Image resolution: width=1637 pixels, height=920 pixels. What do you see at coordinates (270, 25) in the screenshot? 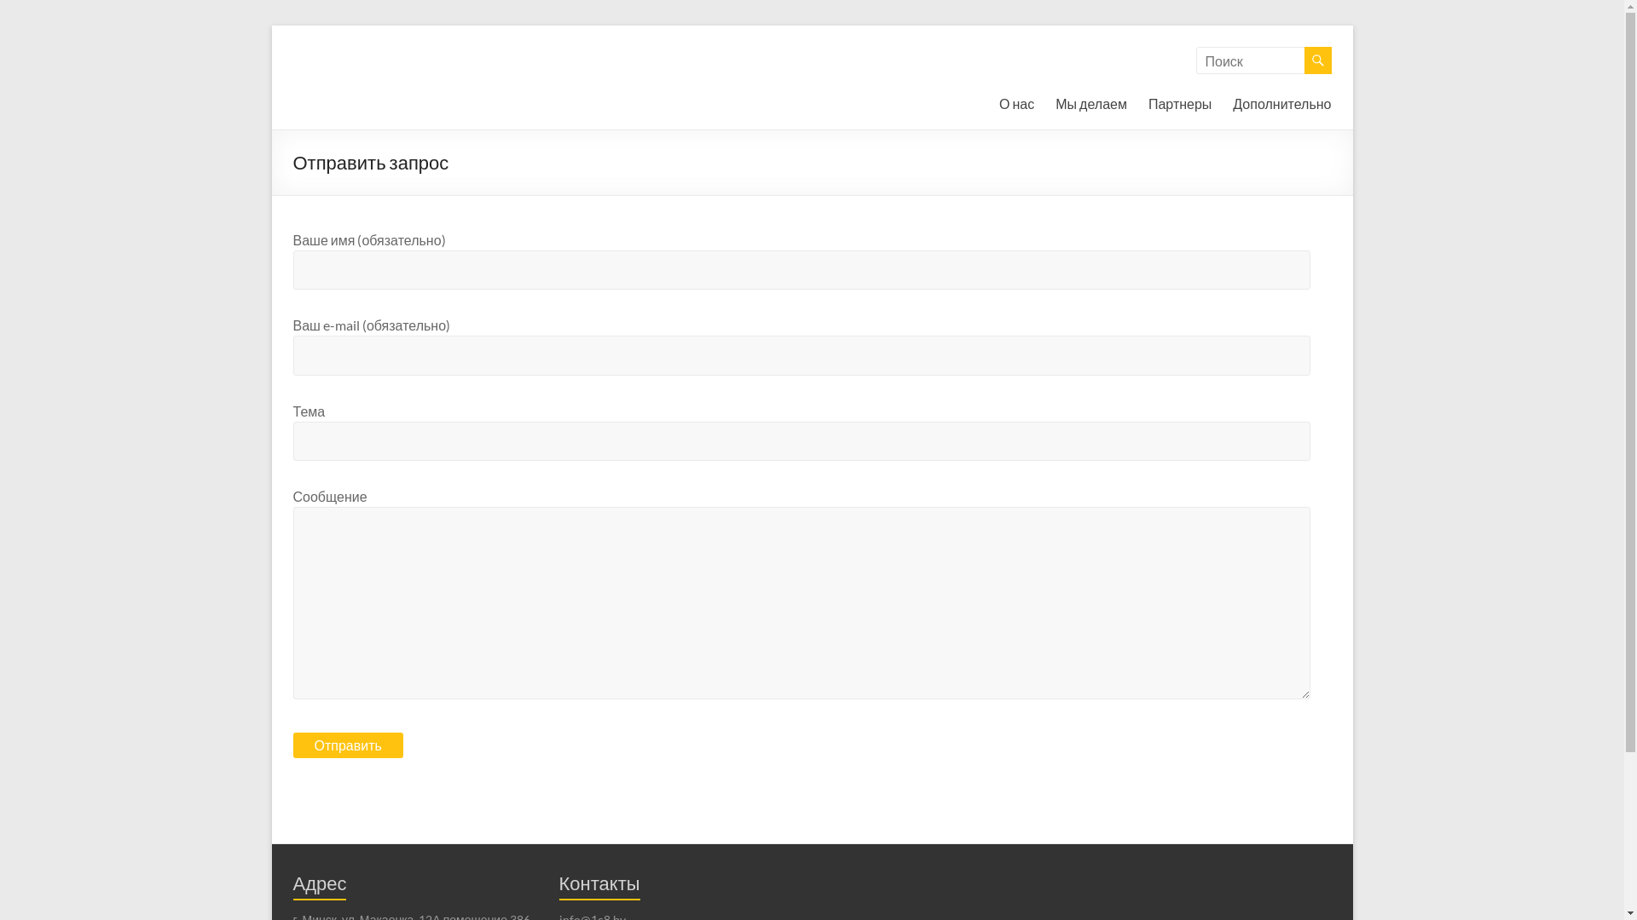
I see `'Skip to content'` at bounding box center [270, 25].